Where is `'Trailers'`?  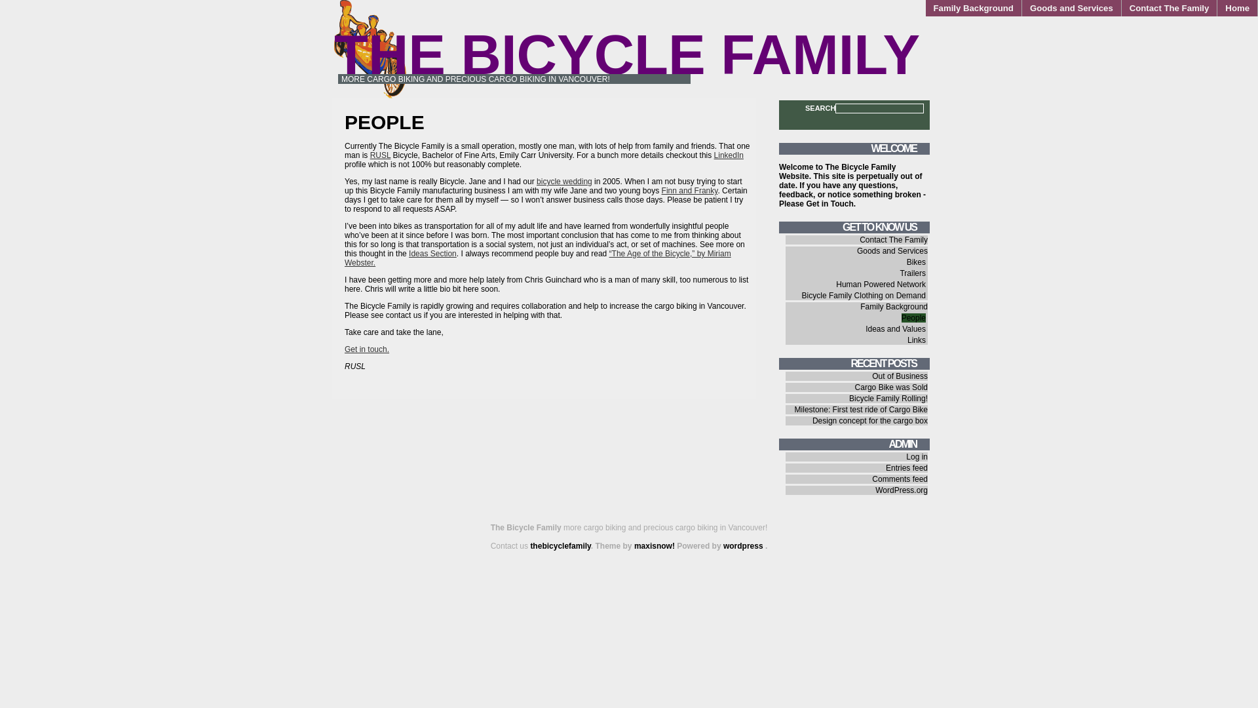 'Trailers' is located at coordinates (911, 272).